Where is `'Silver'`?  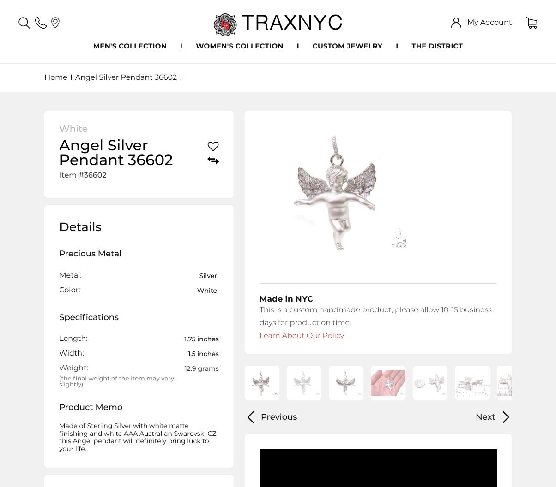
'Silver' is located at coordinates (208, 274).